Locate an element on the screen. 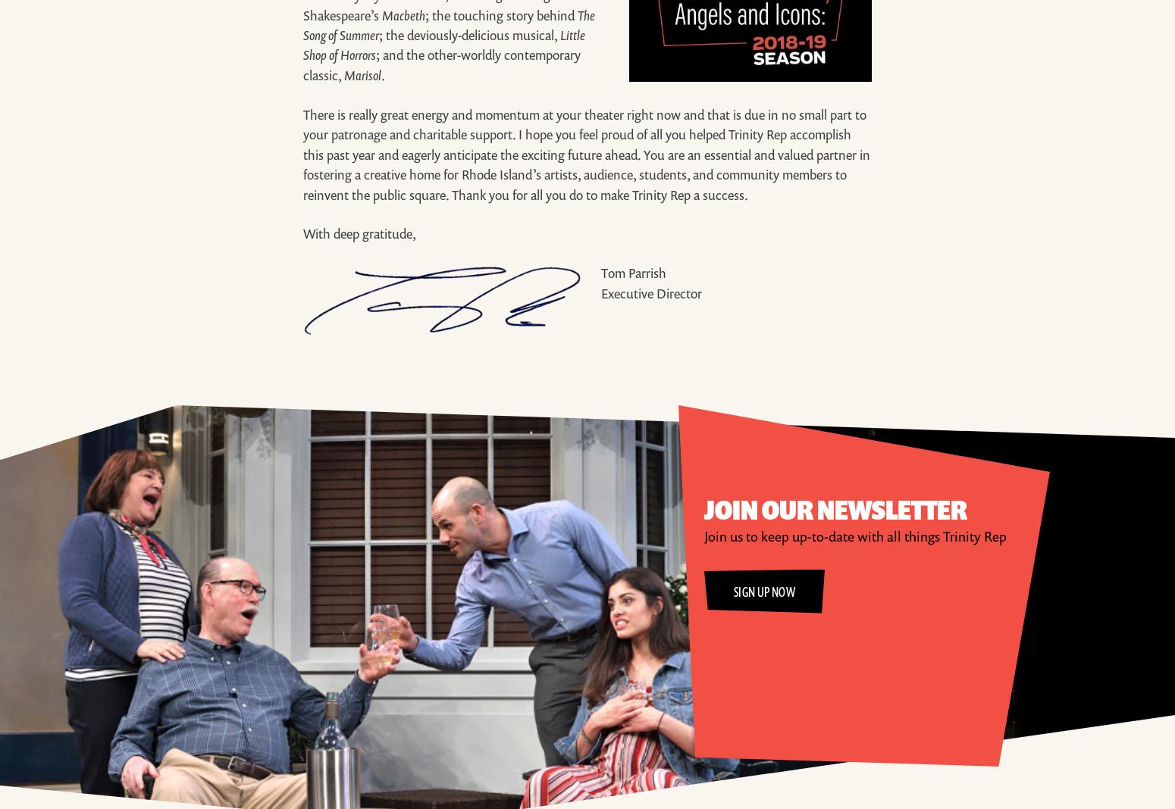 This screenshot has height=809, width=1175. 'Tom Parrish' is located at coordinates (631, 272).